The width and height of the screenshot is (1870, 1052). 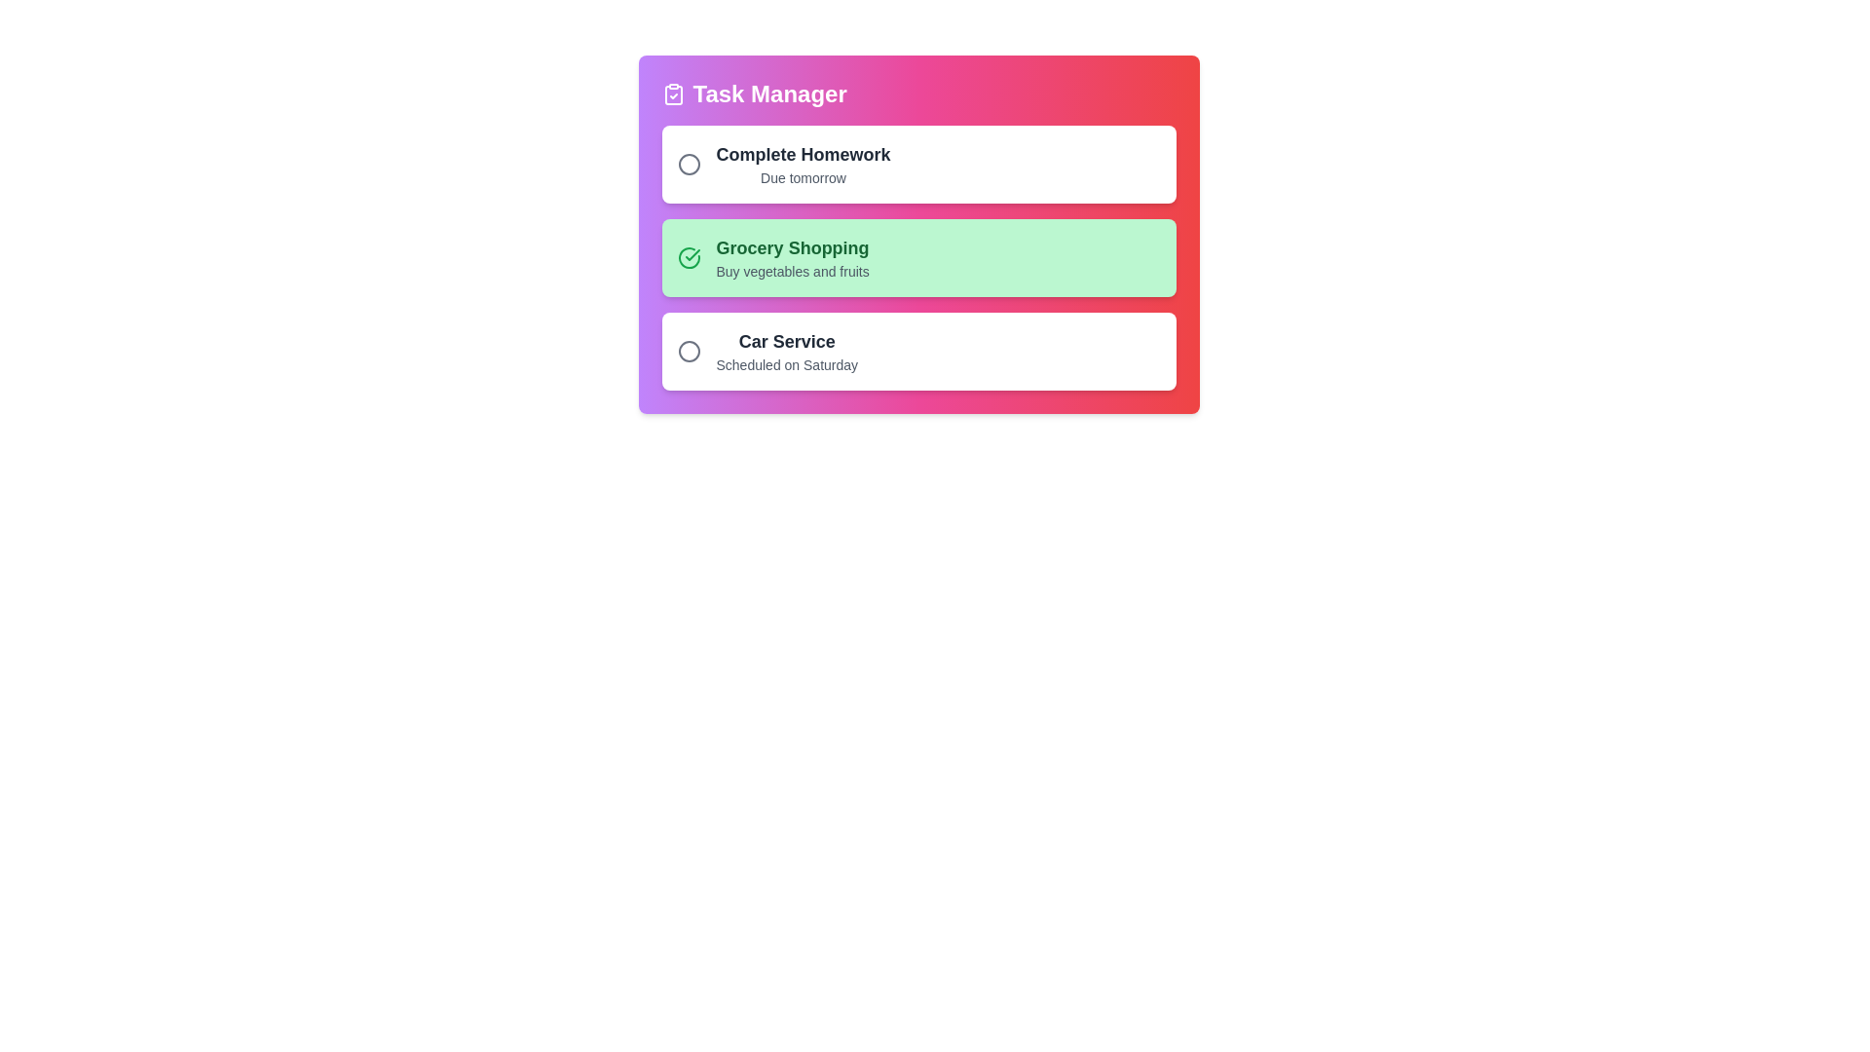 I want to click on the task item corresponding to Complete Homework, so click(x=917, y=164).